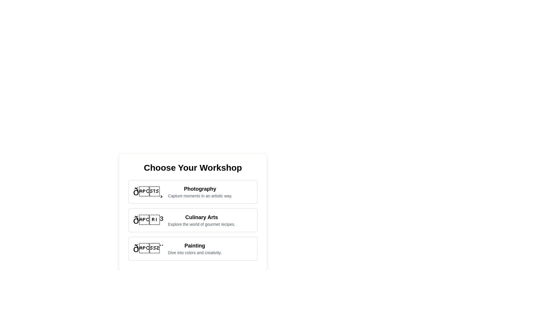 The width and height of the screenshot is (557, 313). I want to click on the third Card option in the list of workshop categories, so click(193, 248).